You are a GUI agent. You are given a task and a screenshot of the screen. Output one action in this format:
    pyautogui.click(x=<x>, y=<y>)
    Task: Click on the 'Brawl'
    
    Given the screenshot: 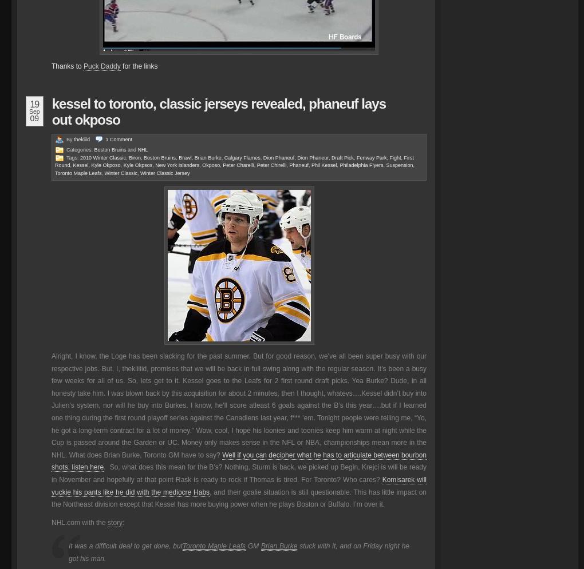 What is the action you would take?
    pyautogui.click(x=185, y=157)
    